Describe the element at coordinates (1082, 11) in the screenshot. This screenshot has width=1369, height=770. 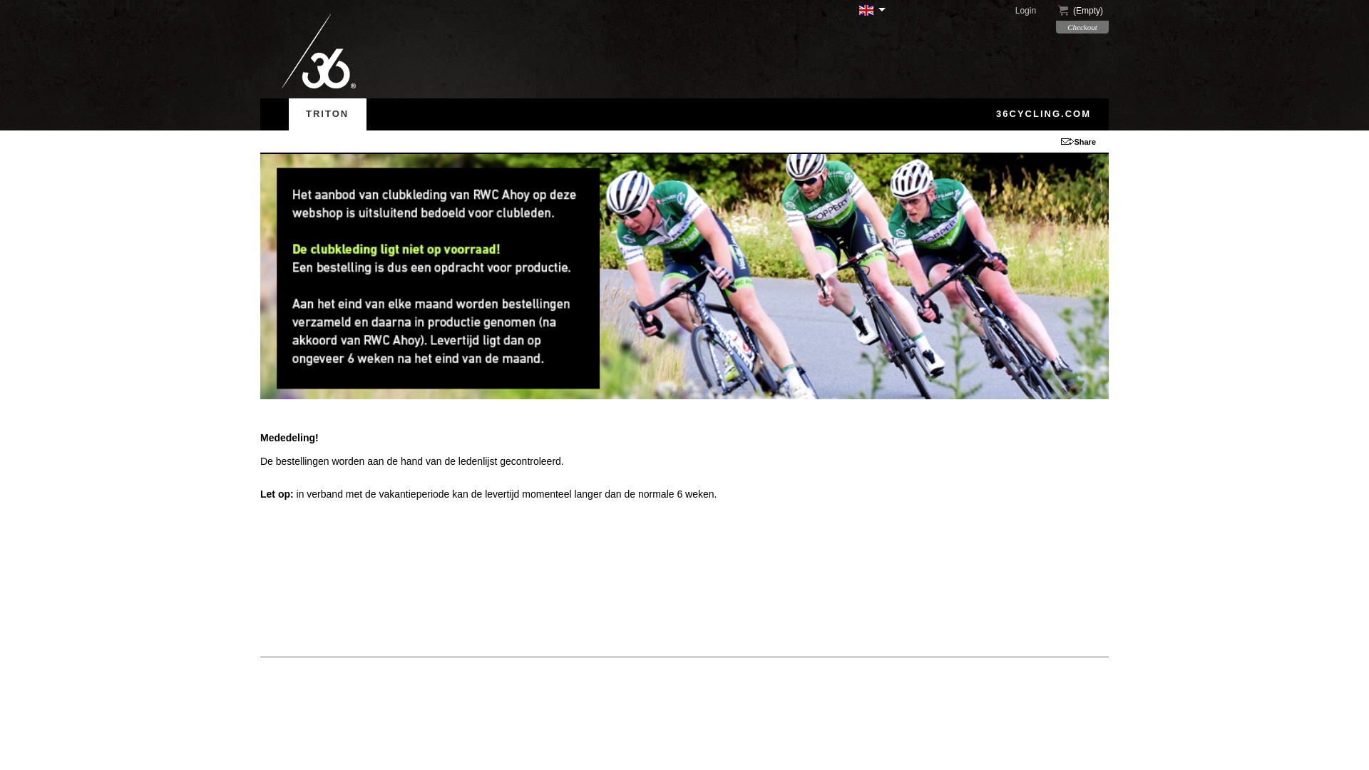
I see `'(Empty)'` at that location.